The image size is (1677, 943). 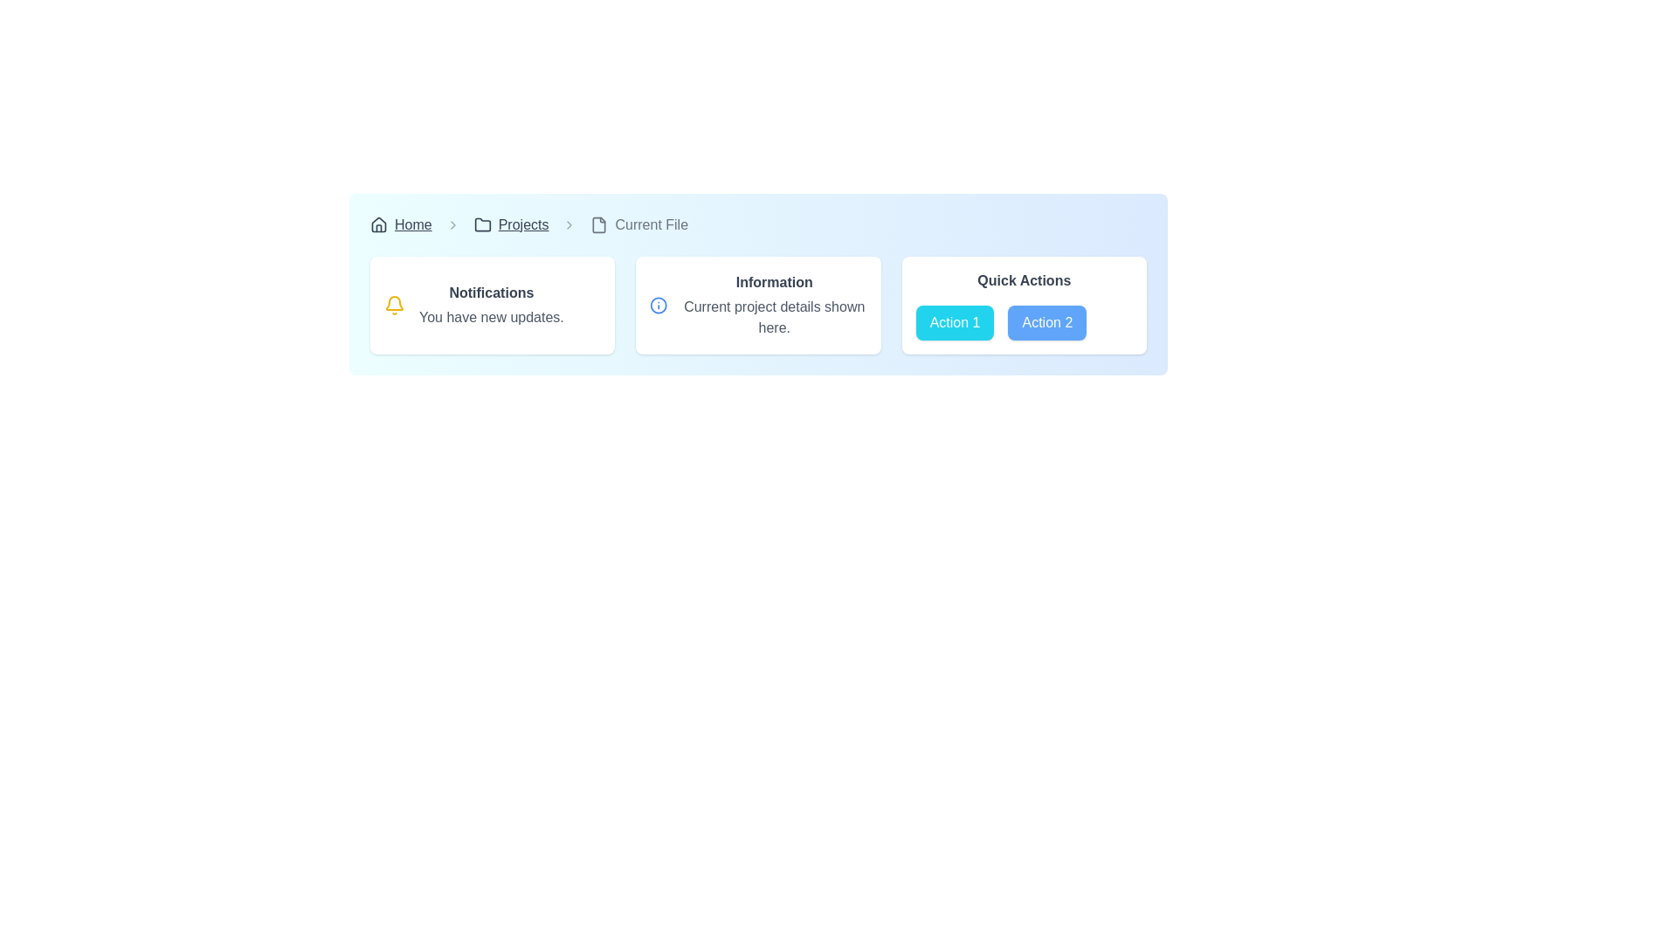 I want to click on the 'Information' text display component which shows the heading 'Information' and the description 'Current project details shown here.', so click(x=773, y=305).